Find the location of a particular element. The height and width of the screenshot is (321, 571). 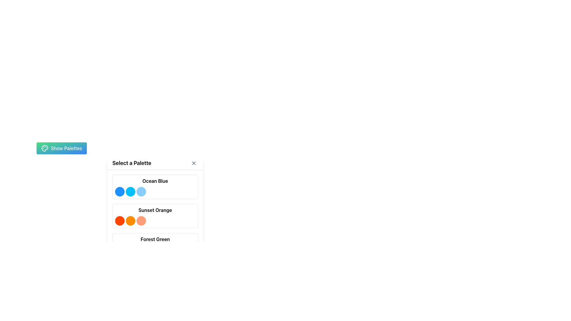

the text label displaying 'Ocean Blue' which is bold and located at the top of the 'Select a Palette' section is located at coordinates (155, 181).